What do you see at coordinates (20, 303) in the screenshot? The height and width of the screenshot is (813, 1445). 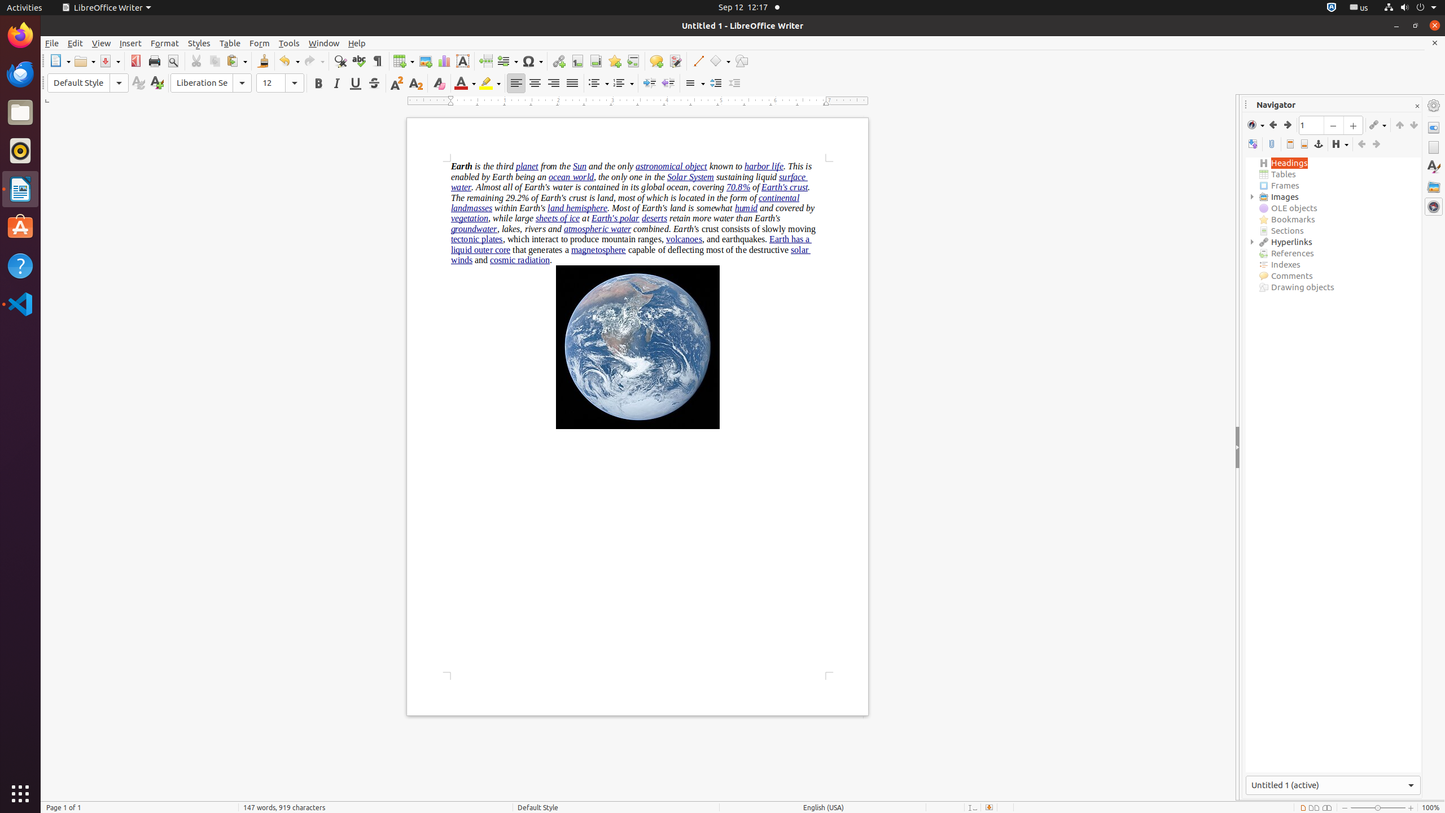 I see `'Visual Studio Code'` at bounding box center [20, 303].